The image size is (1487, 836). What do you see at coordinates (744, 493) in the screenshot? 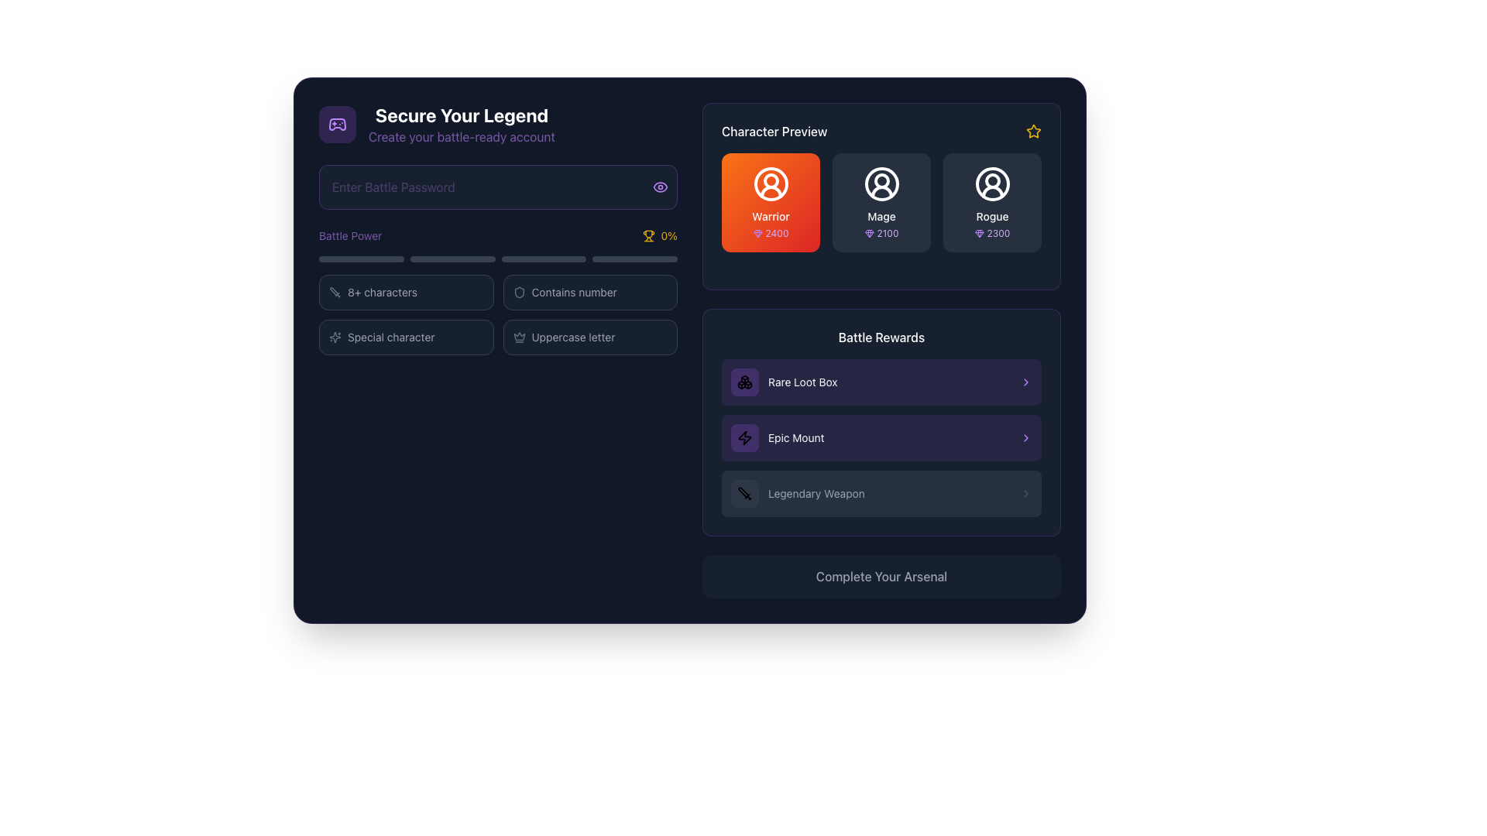
I see `the small rectangular icon with a rounded border and a sword graphic, located in the 'Battle Rewards' section to the left of the 'Legendary Weapon' label` at bounding box center [744, 493].